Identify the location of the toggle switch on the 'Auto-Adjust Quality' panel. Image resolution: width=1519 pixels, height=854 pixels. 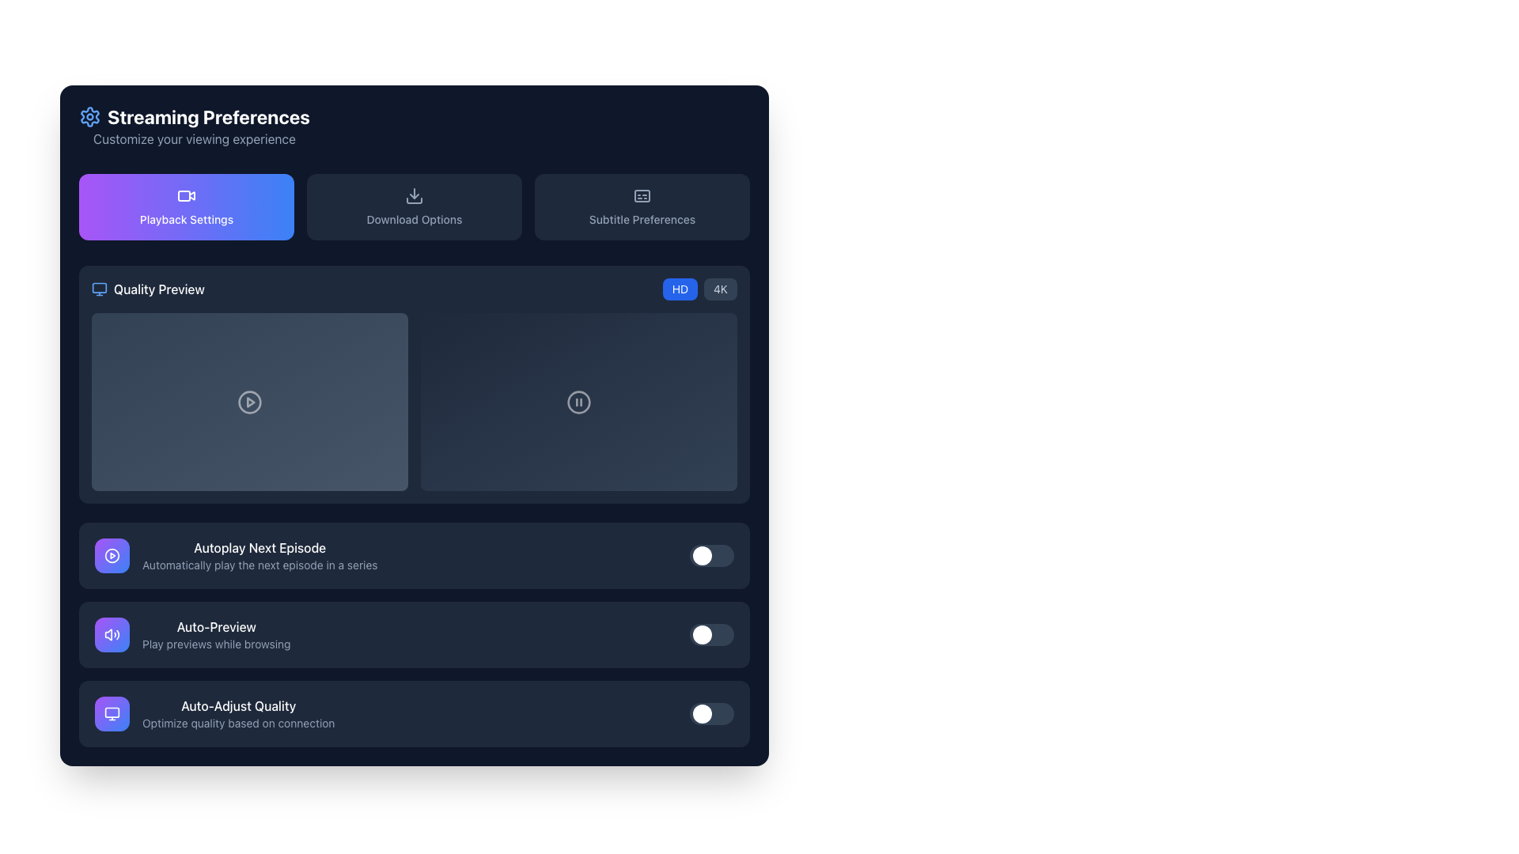
(414, 713).